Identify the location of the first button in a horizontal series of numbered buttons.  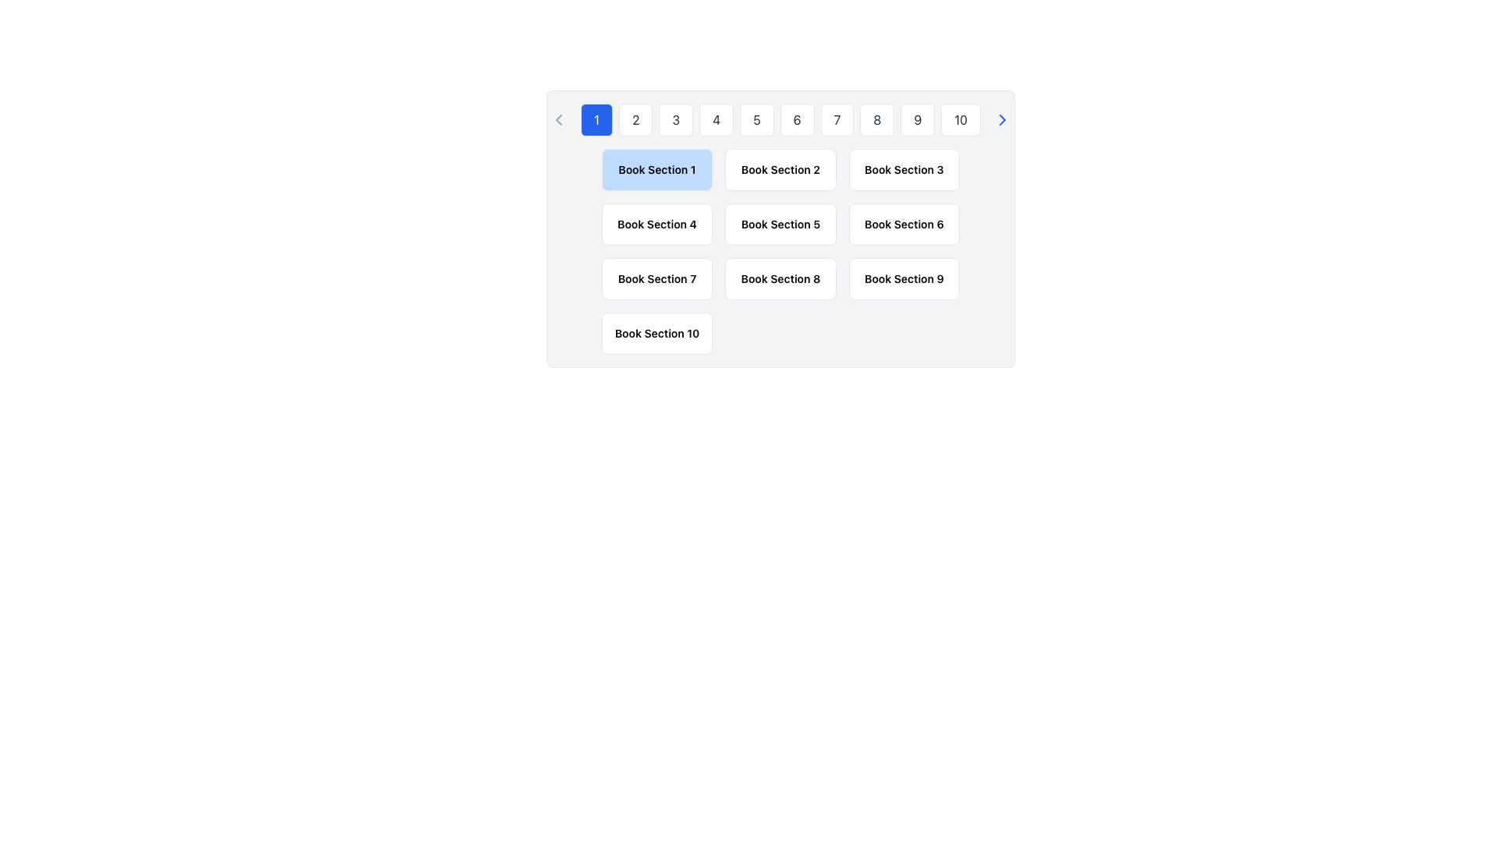
(596, 119).